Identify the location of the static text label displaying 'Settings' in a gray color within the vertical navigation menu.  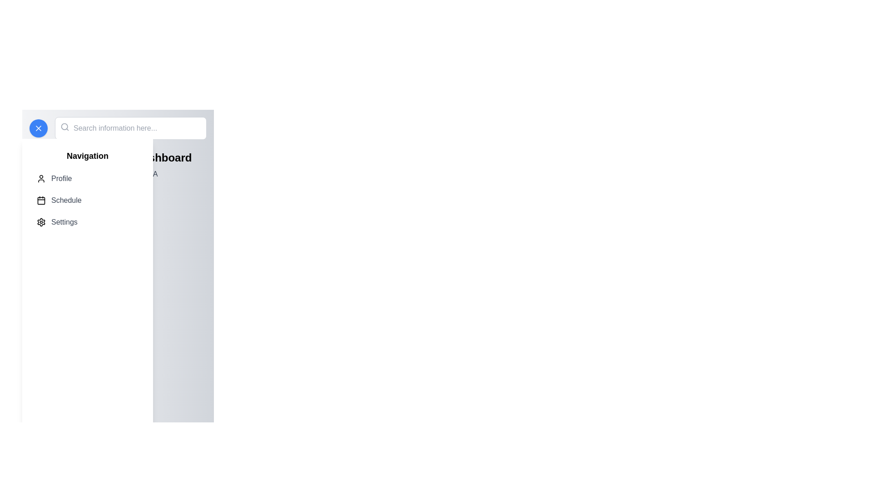
(64, 222).